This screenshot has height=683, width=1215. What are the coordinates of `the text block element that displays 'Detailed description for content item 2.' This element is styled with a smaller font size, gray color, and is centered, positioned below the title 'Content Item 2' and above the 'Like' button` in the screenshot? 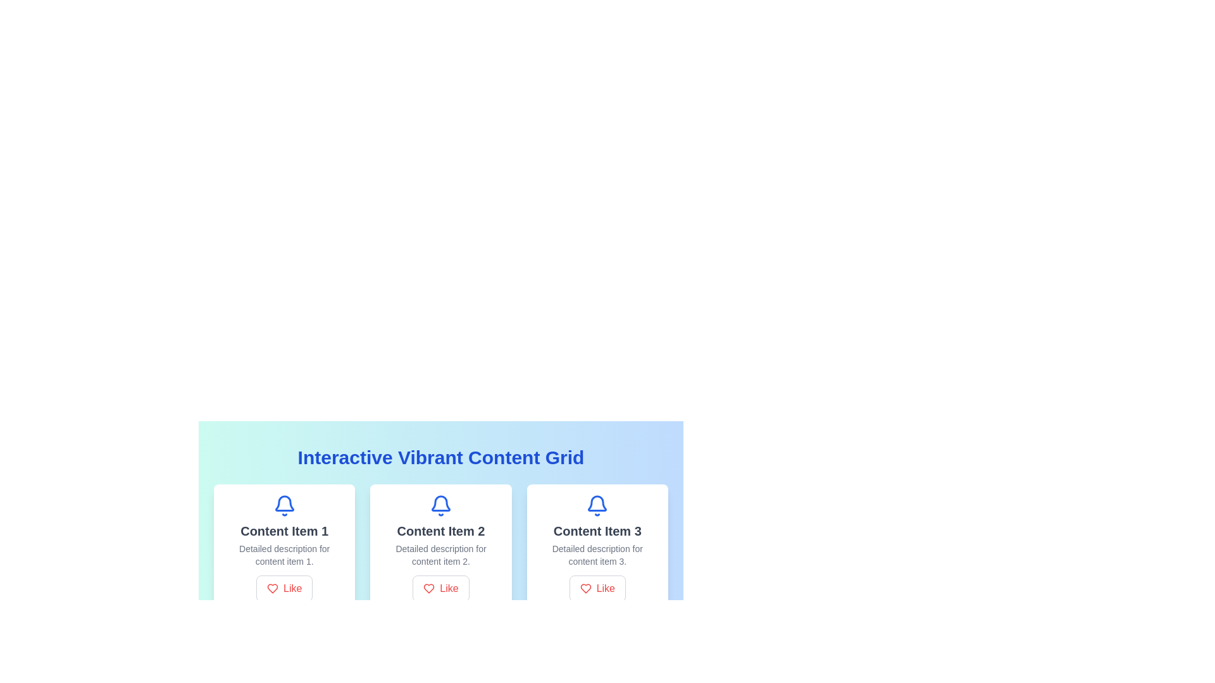 It's located at (440, 555).